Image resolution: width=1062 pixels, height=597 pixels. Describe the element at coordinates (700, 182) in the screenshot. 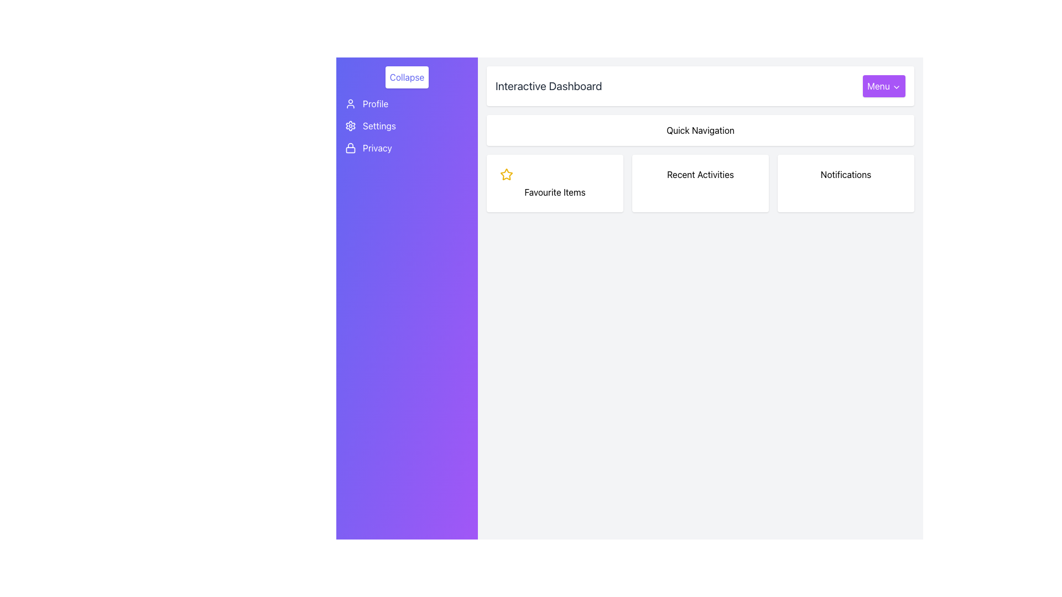

I see `the Static informational box or label for the 'Recent Activities' section, which is positioned in the middle column of the three-part grid layout` at that location.